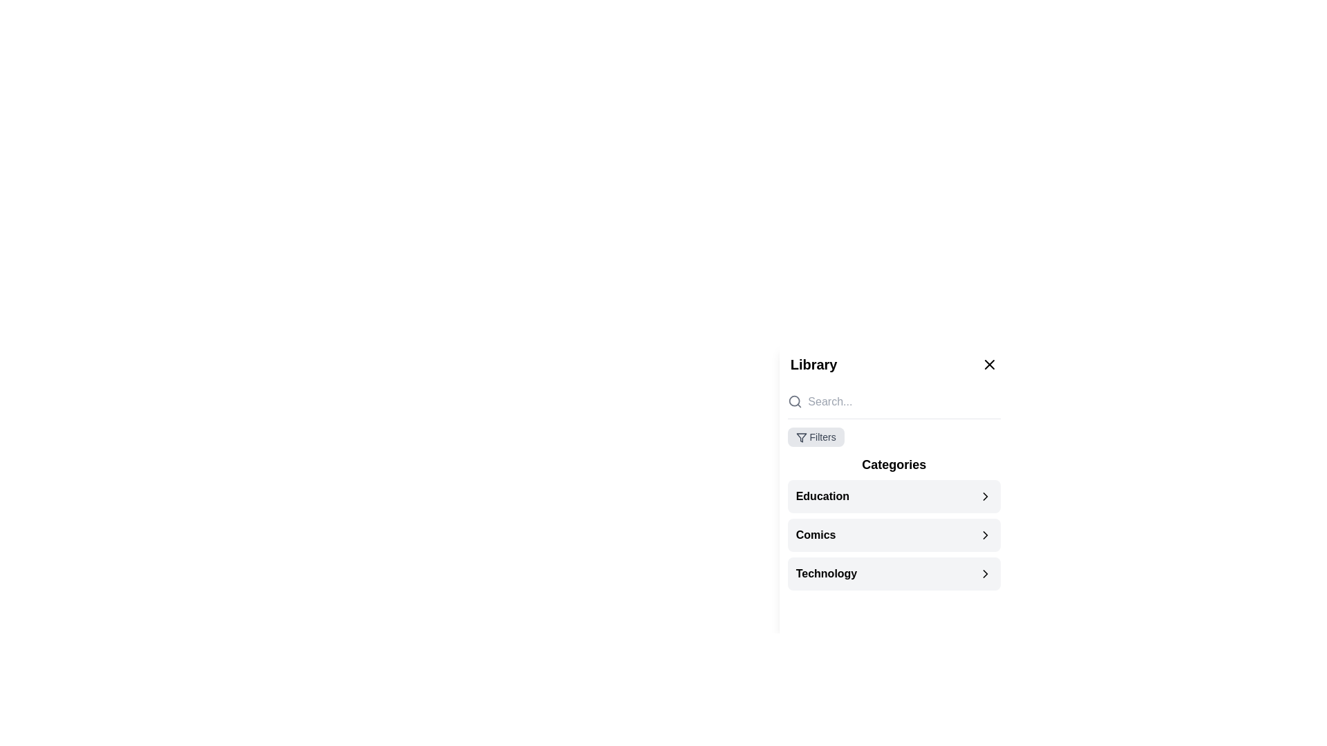  I want to click on the filter icon located inside the 'Filters' button, which is the leftmost subcomponent adjacent to the text label, so click(801, 438).